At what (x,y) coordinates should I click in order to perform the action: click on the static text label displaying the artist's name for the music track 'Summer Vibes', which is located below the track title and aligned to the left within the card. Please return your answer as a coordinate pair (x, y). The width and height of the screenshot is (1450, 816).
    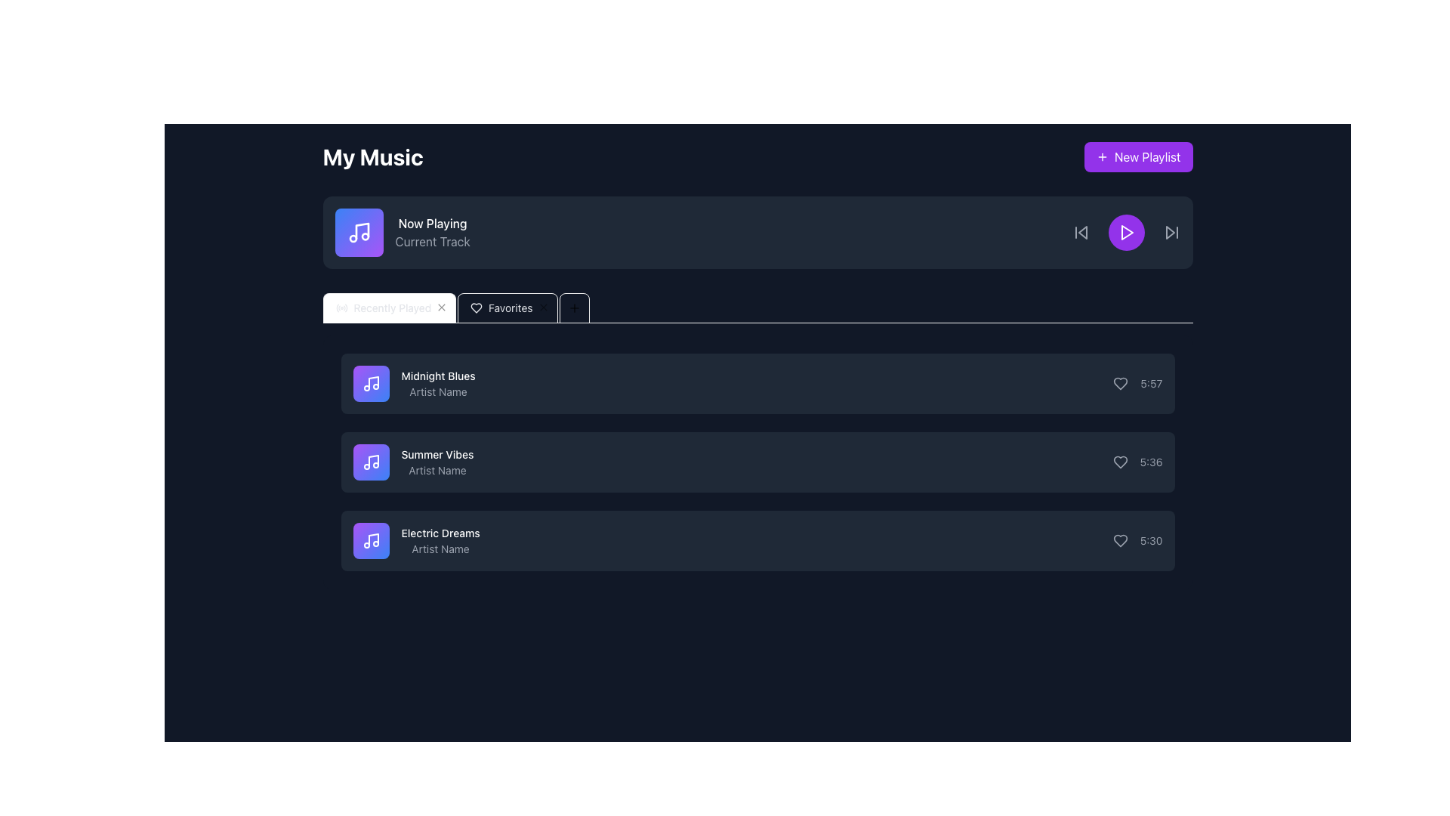
    Looking at the image, I should click on (437, 470).